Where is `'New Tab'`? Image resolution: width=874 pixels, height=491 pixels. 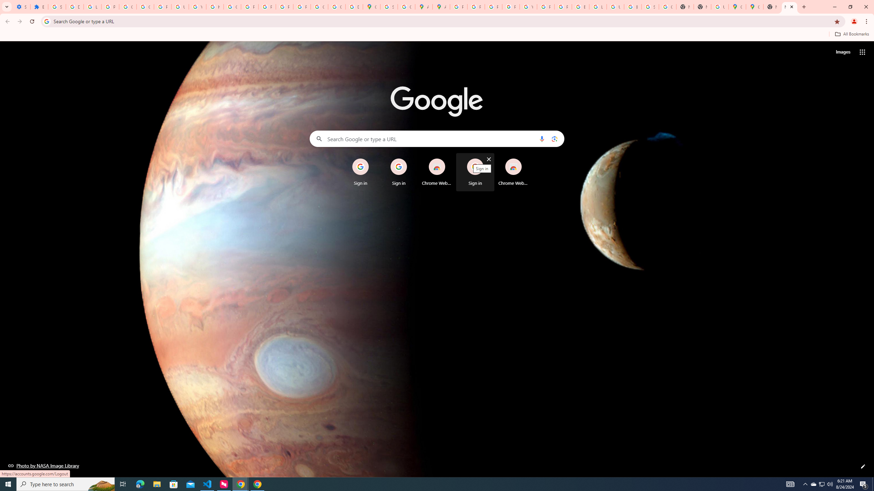
'New Tab' is located at coordinates (789, 6).